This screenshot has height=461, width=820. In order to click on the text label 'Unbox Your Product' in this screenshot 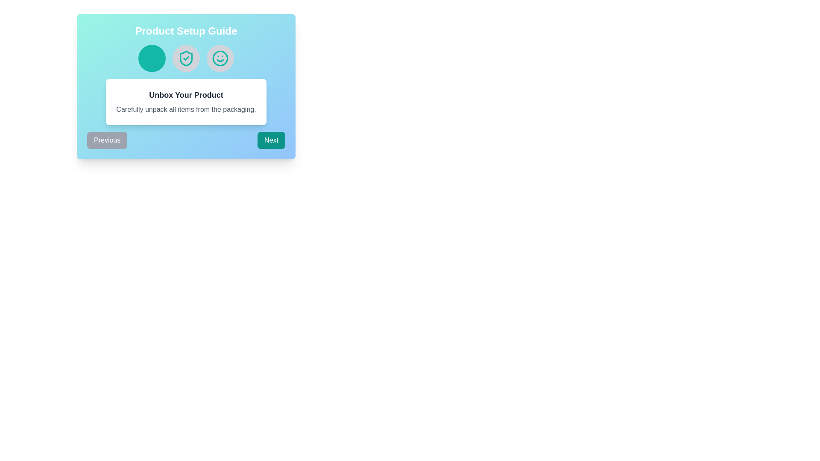, I will do `click(186, 95)`.